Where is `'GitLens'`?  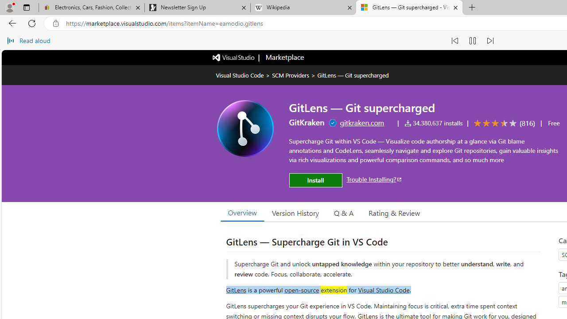 'GitLens' is located at coordinates (236, 289).